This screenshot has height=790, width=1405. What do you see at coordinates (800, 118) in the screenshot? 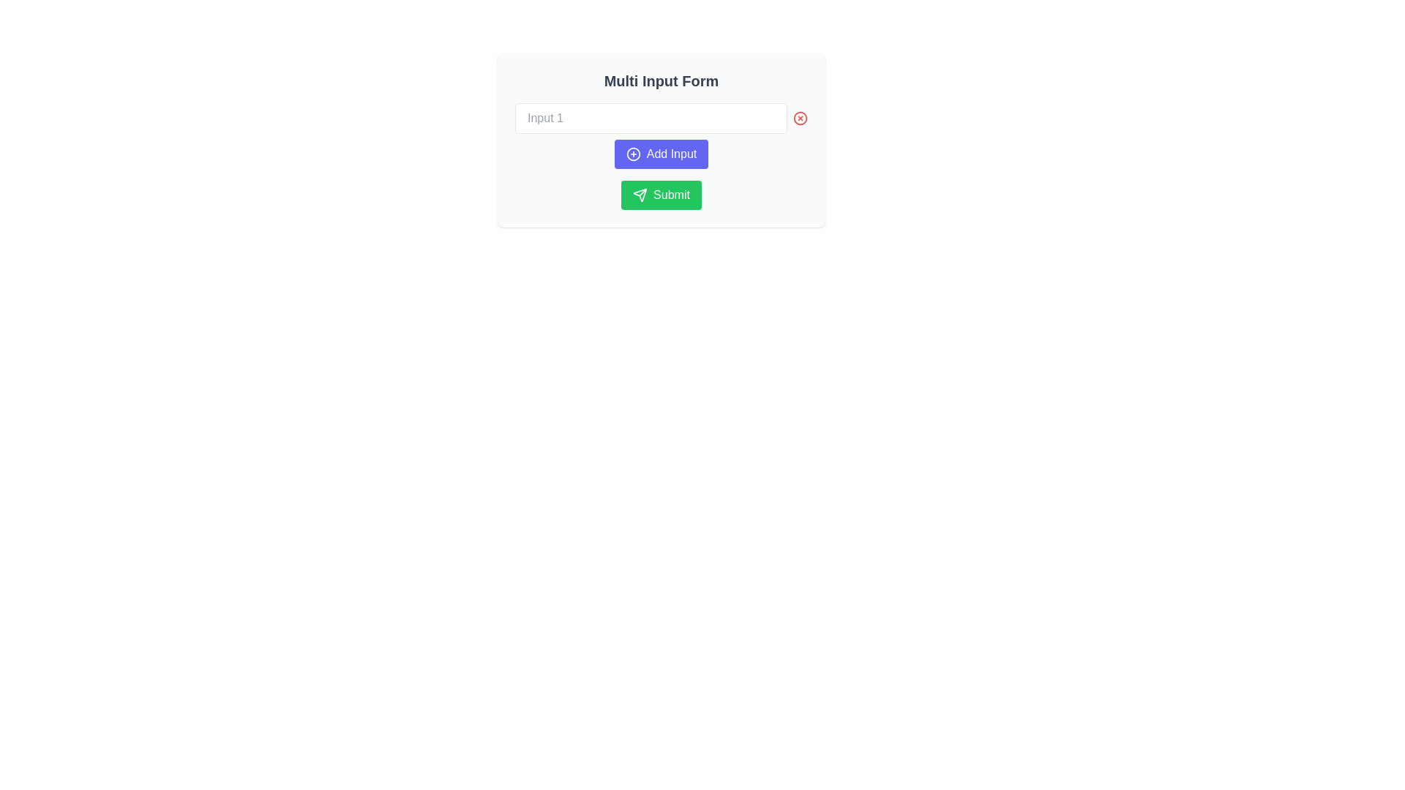
I see `the 'clear' button located to the right of the input field labeled 'Input 1' to clear the input field content` at bounding box center [800, 118].